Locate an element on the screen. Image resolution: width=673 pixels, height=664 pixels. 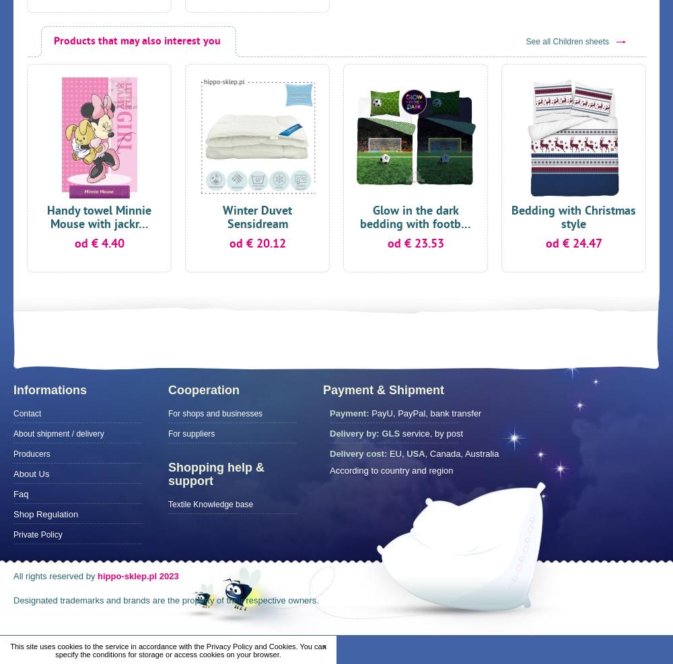
'All rights reserved by' is located at coordinates (55, 575).